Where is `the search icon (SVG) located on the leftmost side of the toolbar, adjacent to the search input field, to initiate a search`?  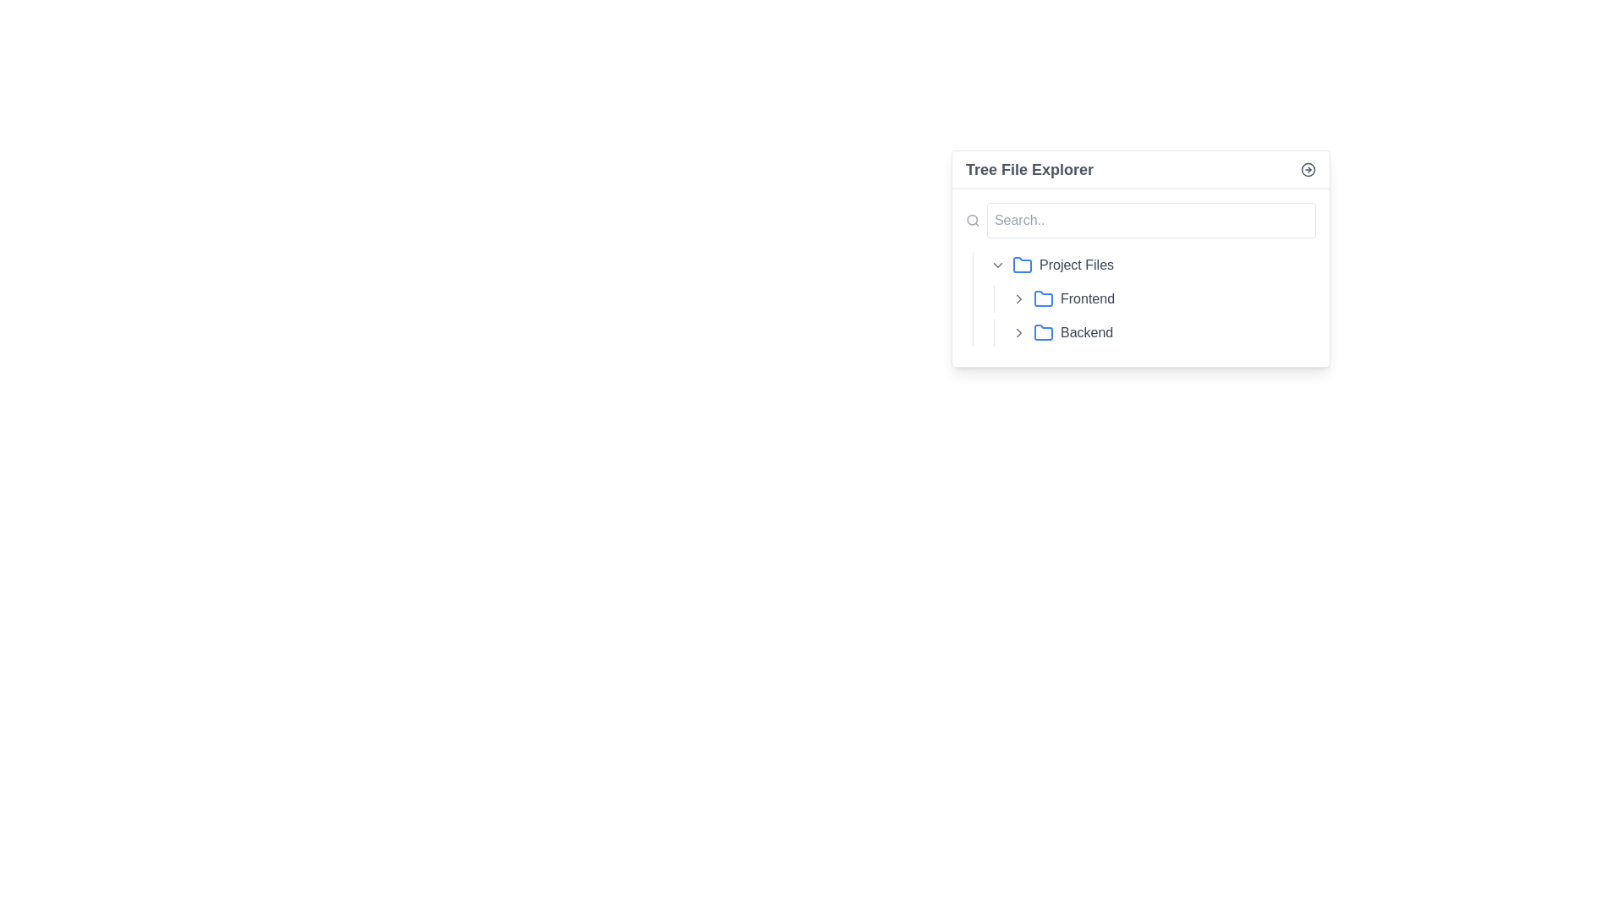
the search icon (SVG) located on the leftmost side of the toolbar, adjacent to the search input field, to initiate a search is located at coordinates (973, 220).